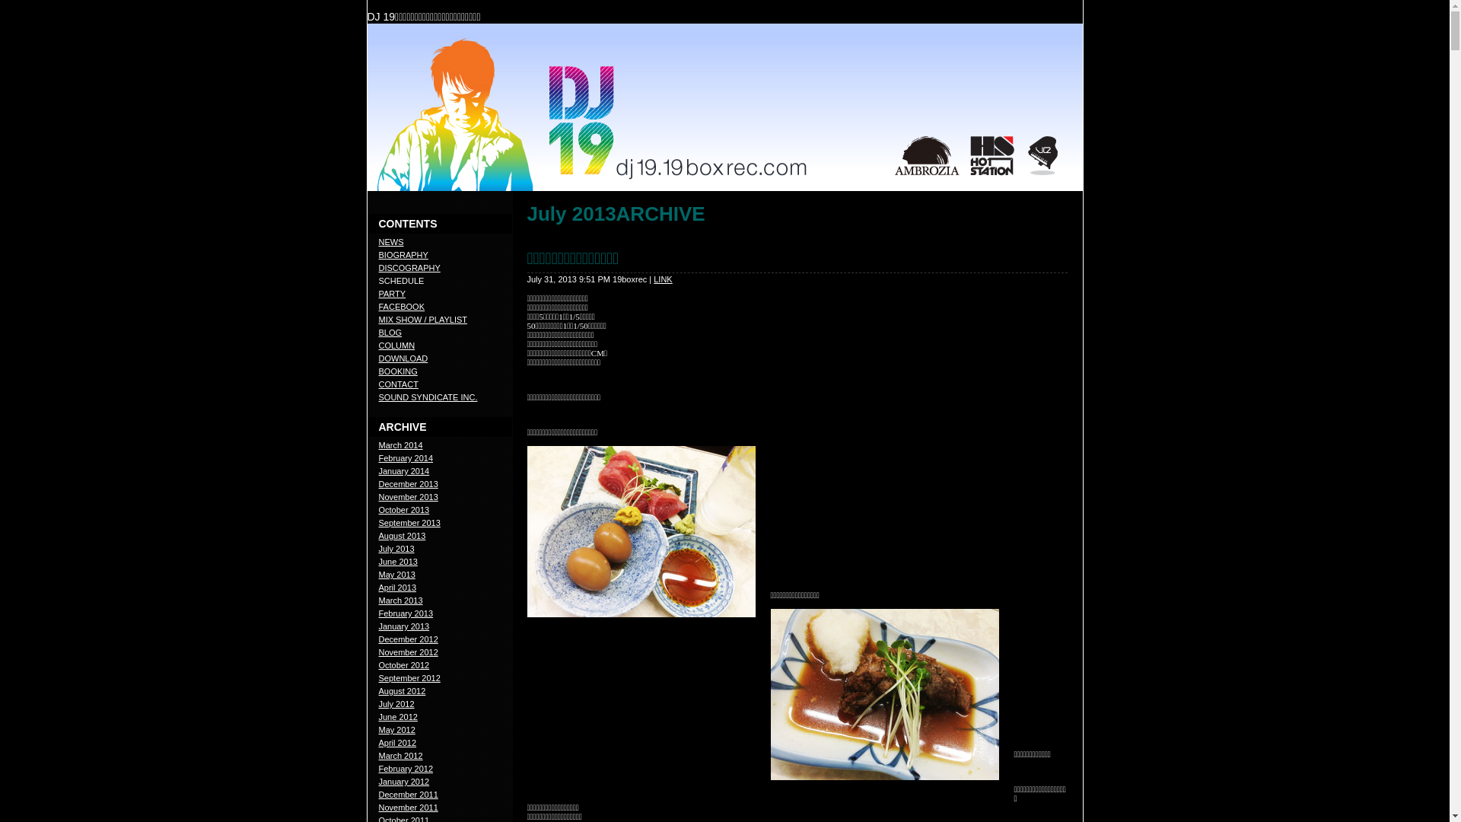 The height and width of the screenshot is (822, 1461). I want to click on 'April 2012', so click(398, 741).